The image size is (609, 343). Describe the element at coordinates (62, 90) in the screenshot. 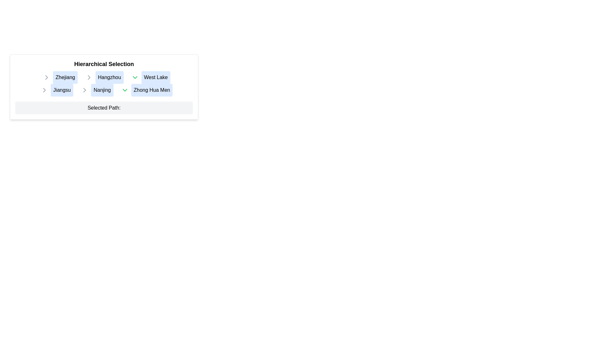

I see `the rectangular button with a light blue background and the text 'Jiangsu'` at that location.